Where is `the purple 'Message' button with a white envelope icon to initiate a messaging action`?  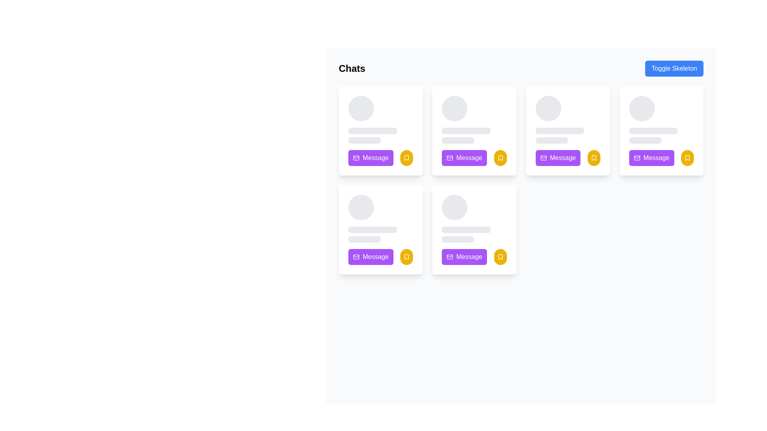 the purple 'Message' button with a white envelope icon to initiate a messaging action is located at coordinates (567, 158).